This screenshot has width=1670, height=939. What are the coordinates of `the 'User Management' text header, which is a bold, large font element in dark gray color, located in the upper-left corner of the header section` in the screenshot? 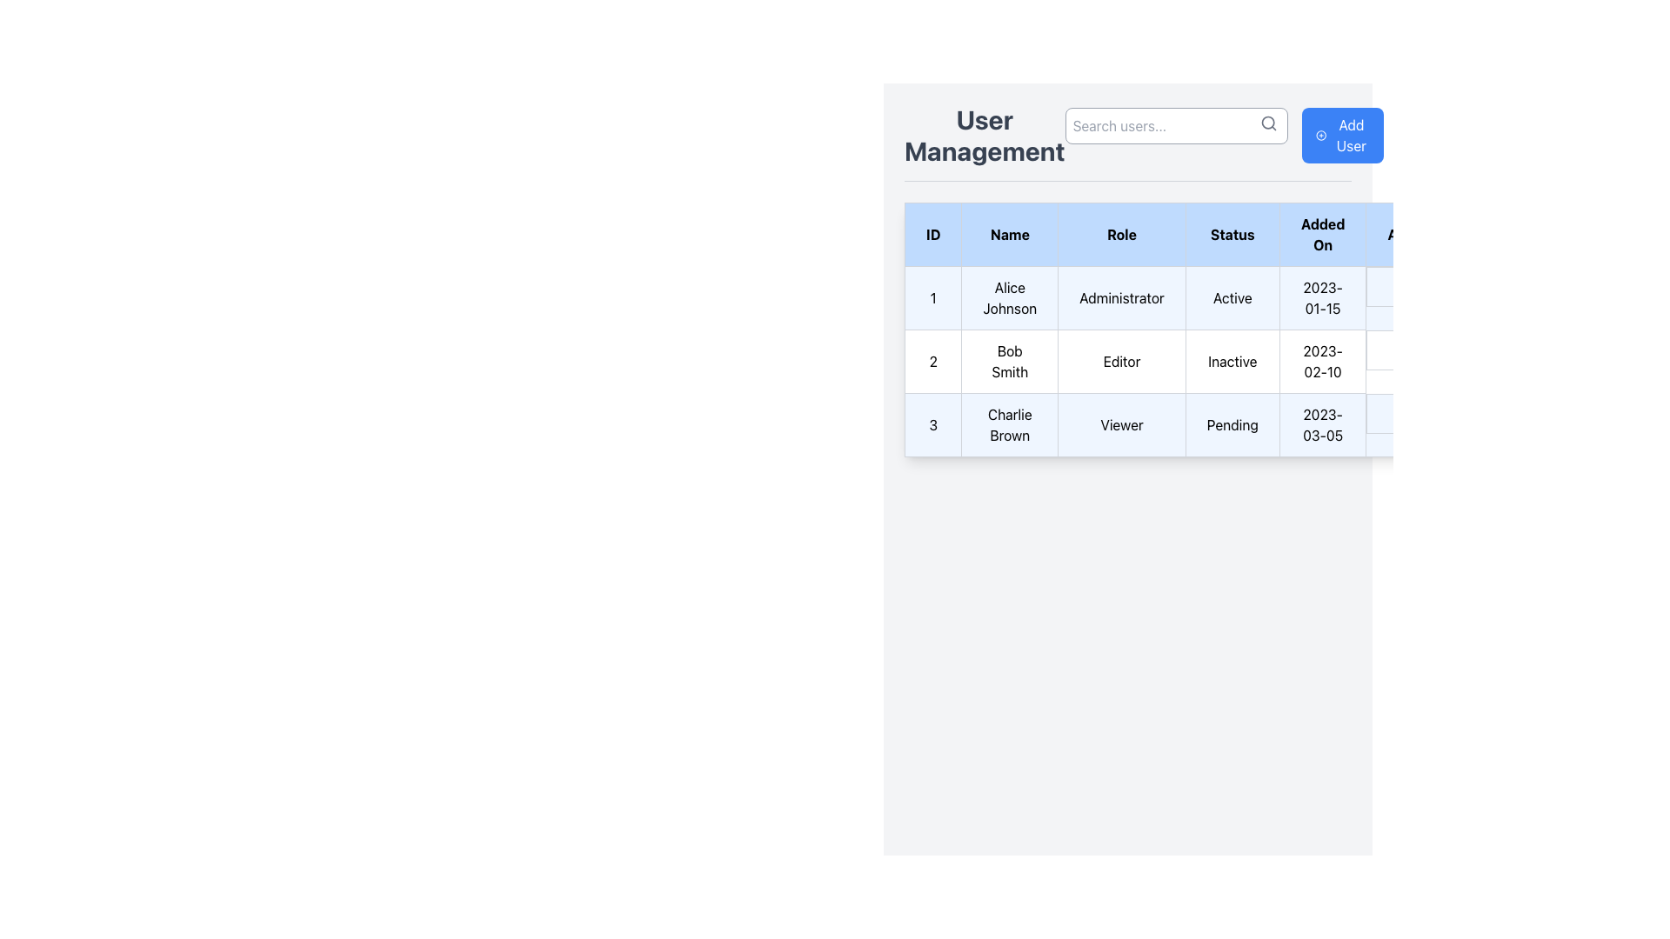 It's located at (985, 134).